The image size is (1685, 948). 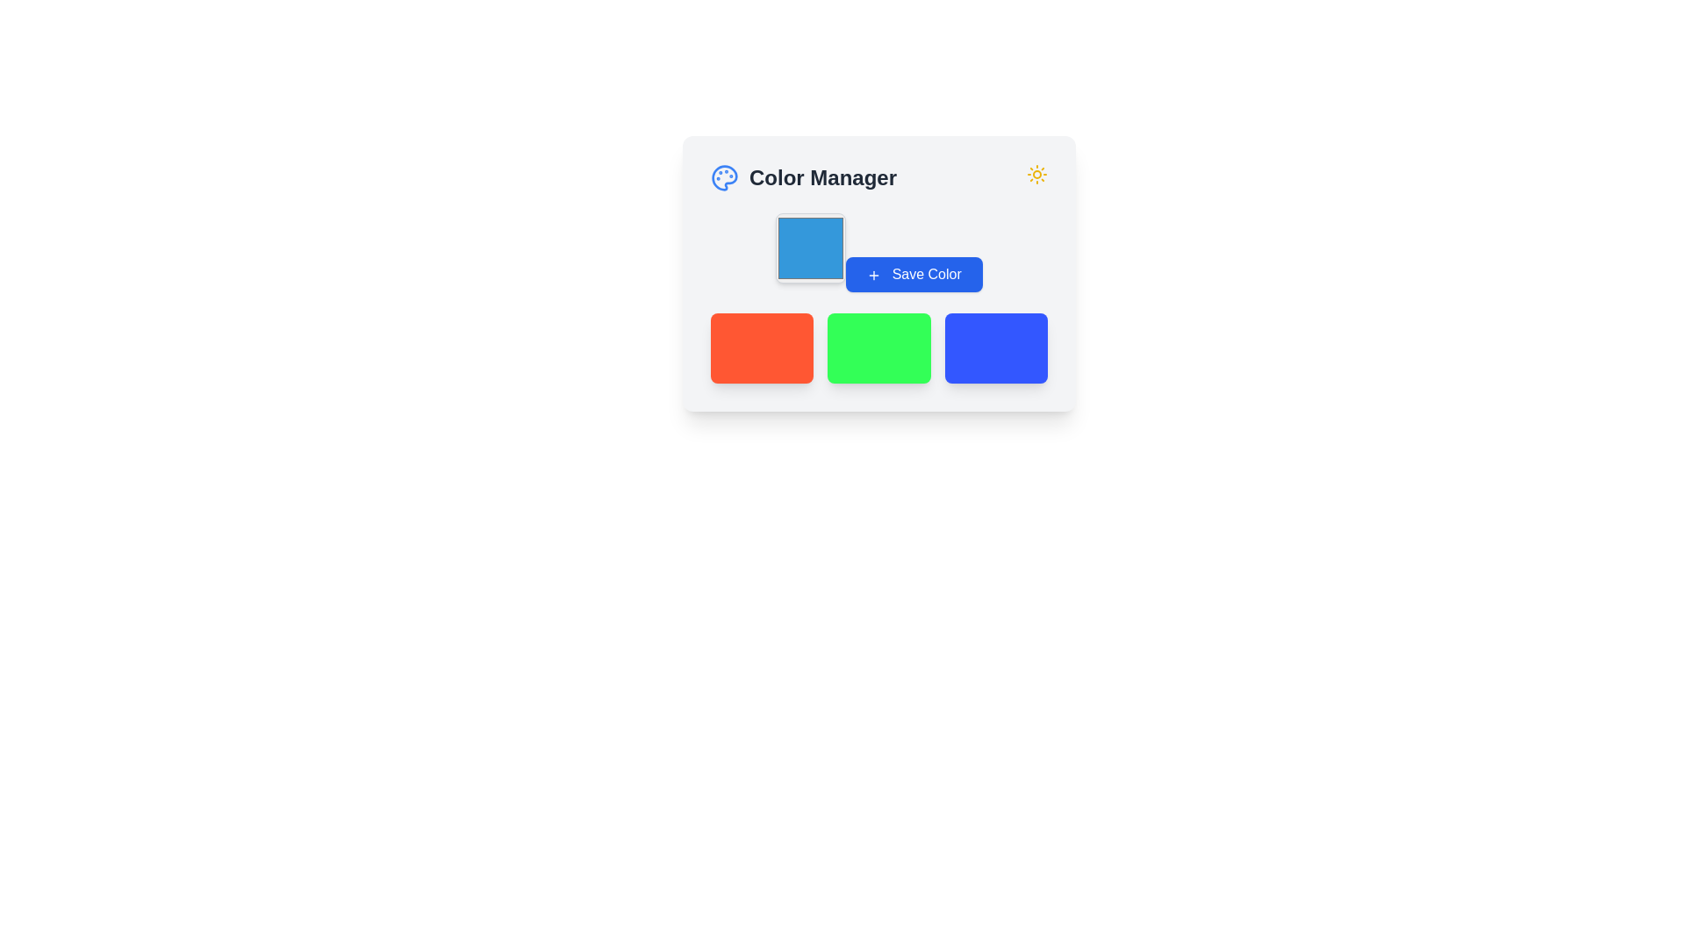 I want to click on the decorative branding icon for the 'Color Manager' tool located in the top-left region of the interface, adjacent to the title text 'Color Manager', so click(x=724, y=178).